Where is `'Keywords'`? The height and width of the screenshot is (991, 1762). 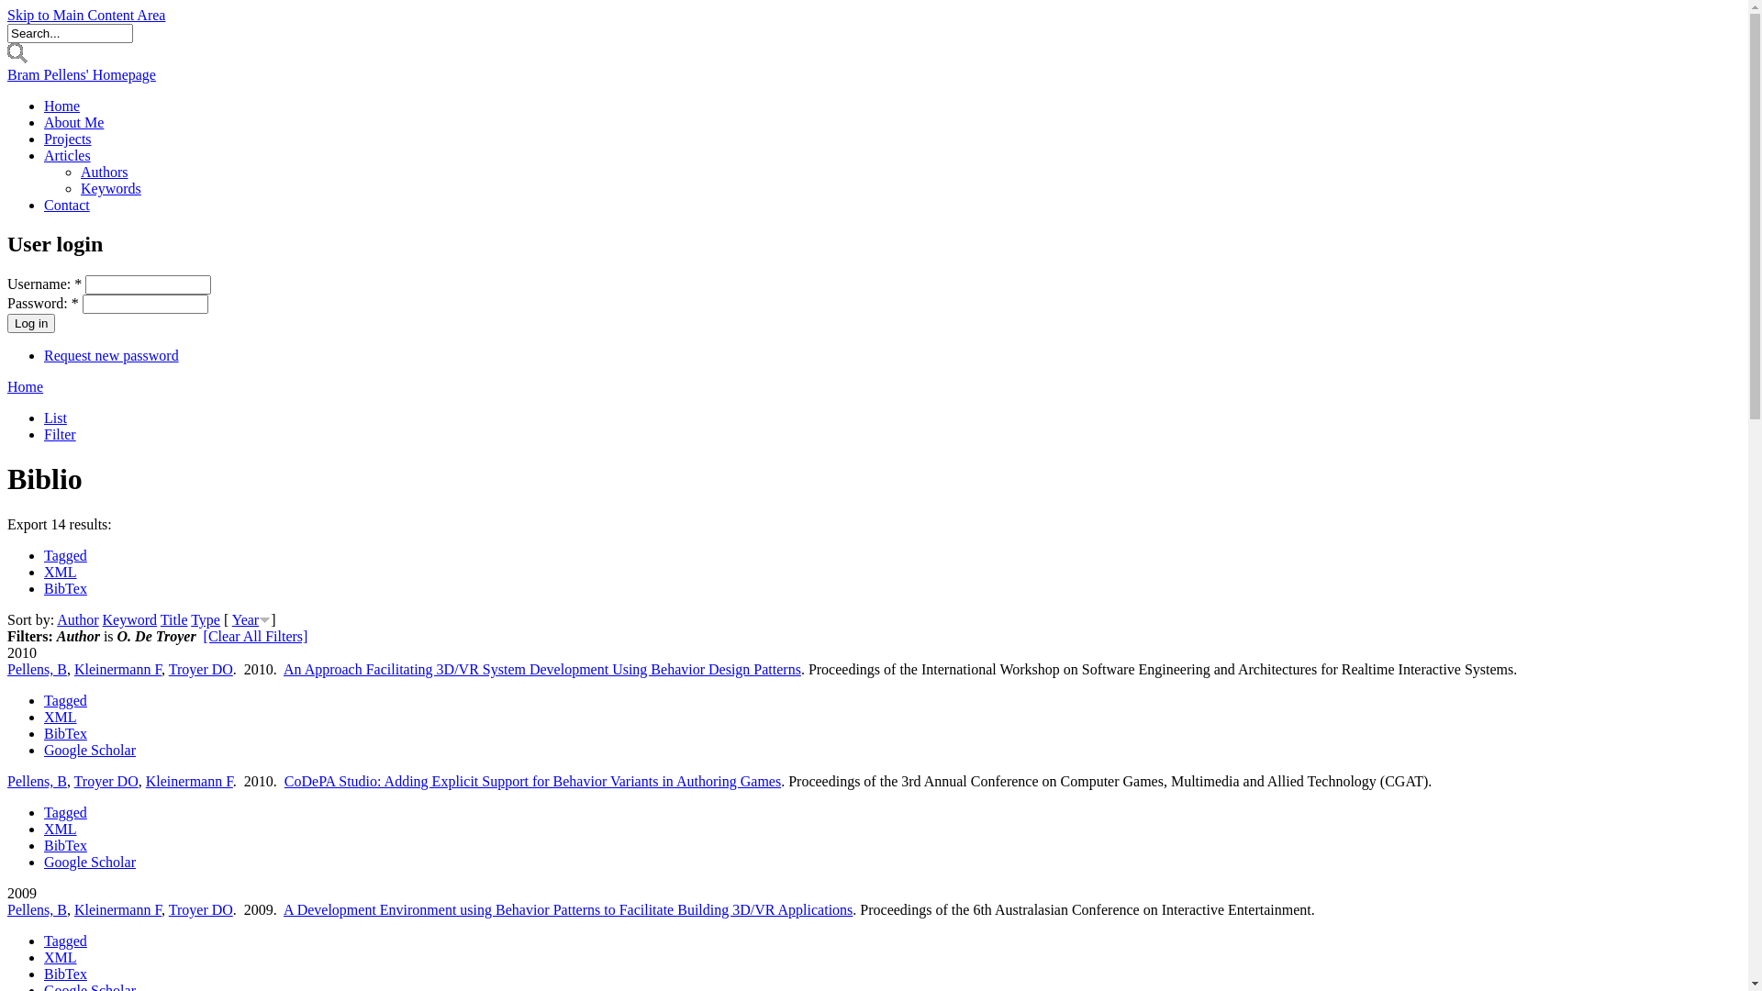 'Keywords' is located at coordinates (79, 188).